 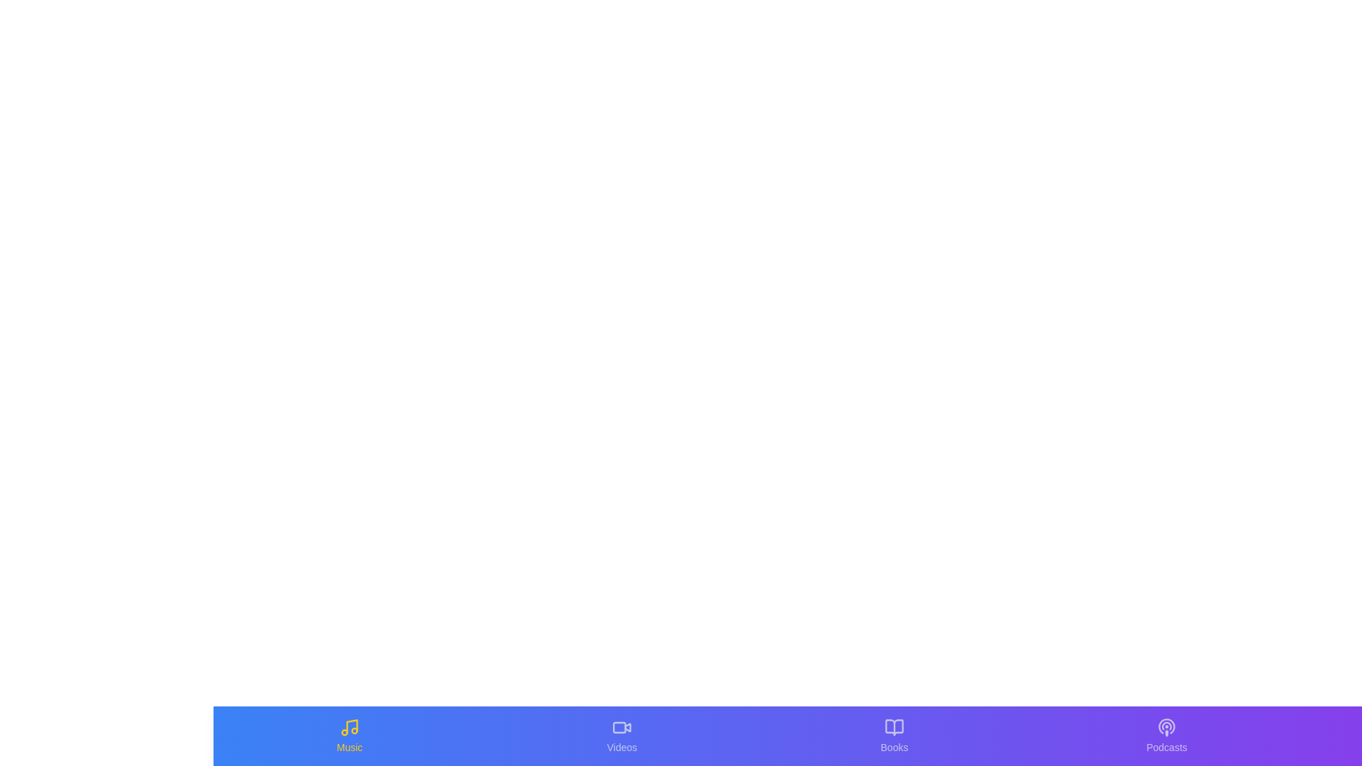 What do you see at coordinates (894, 735) in the screenshot?
I see `the tab labeled Books` at bounding box center [894, 735].